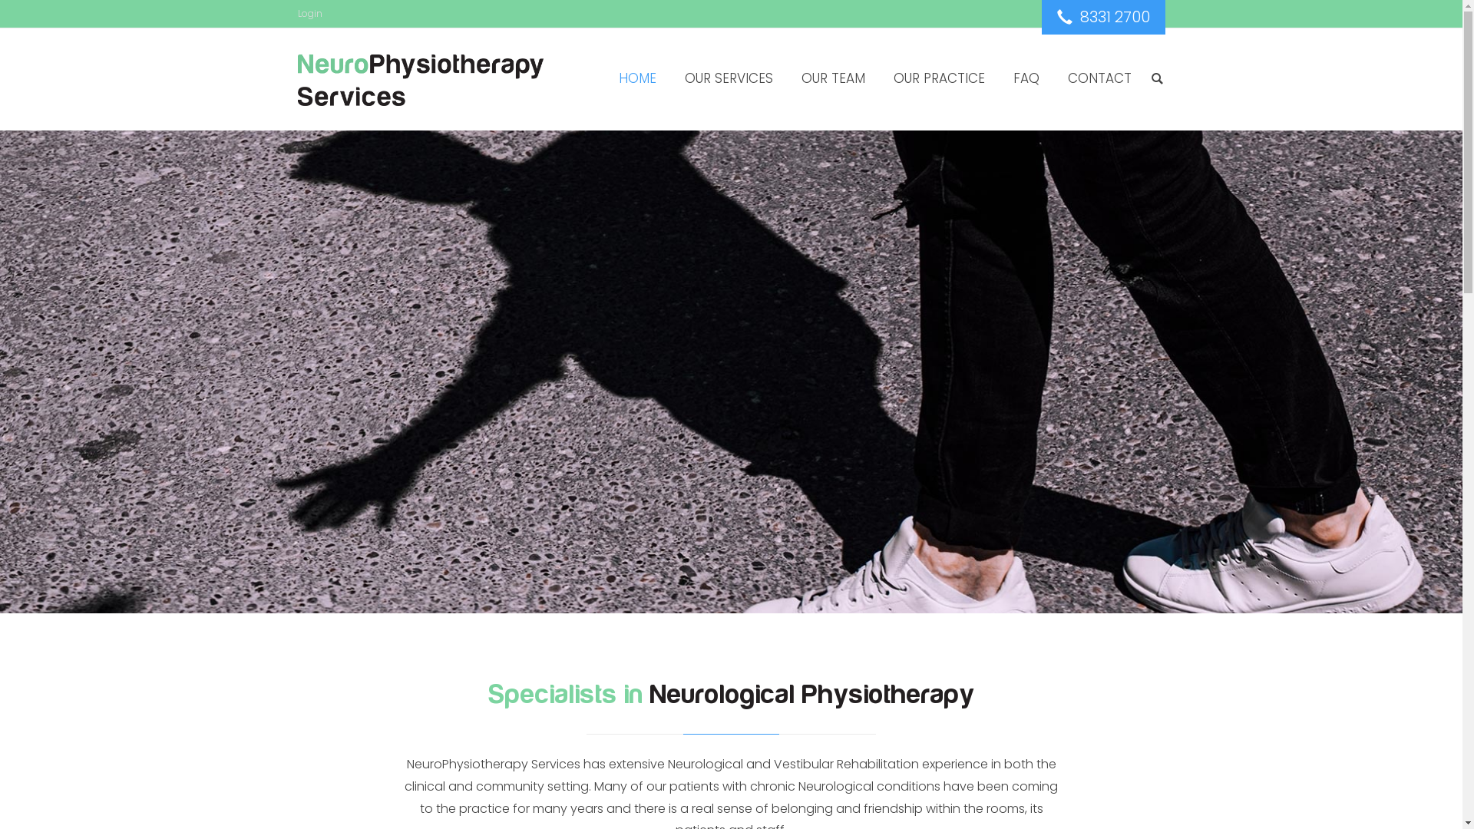 Image resolution: width=1474 pixels, height=829 pixels. Describe the element at coordinates (1102, 17) in the screenshot. I see `'  8331 2700'` at that location.